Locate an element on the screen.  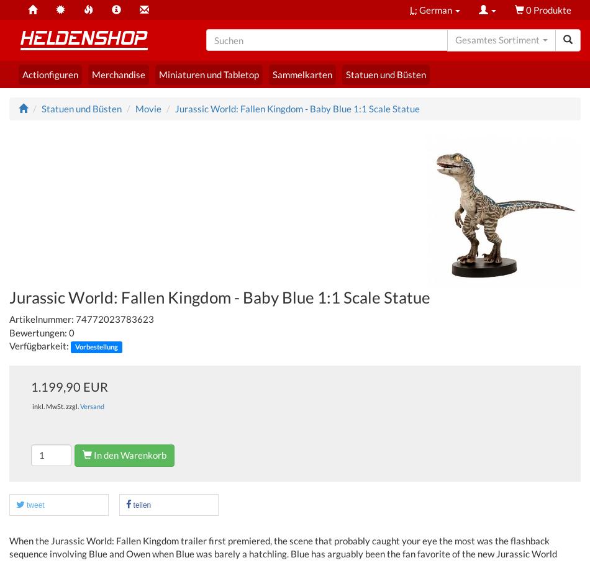
'Movie' is located at coordinates (148, 107).